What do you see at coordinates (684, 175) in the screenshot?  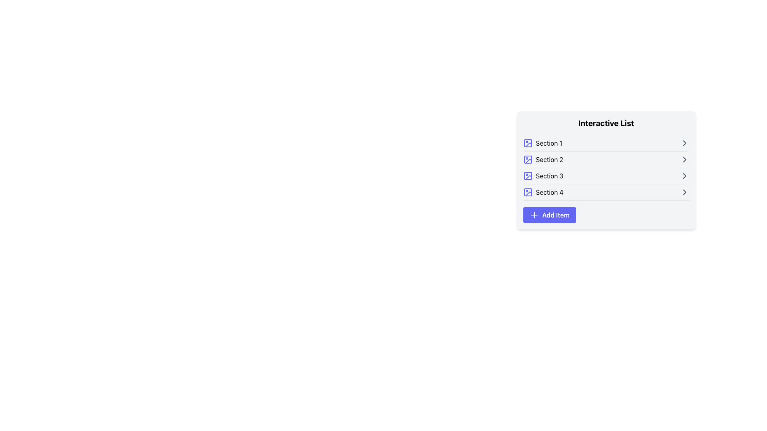 I see `the icon located on the right side of the row labeled 'Section 3'` at bounding box center [684, 175].